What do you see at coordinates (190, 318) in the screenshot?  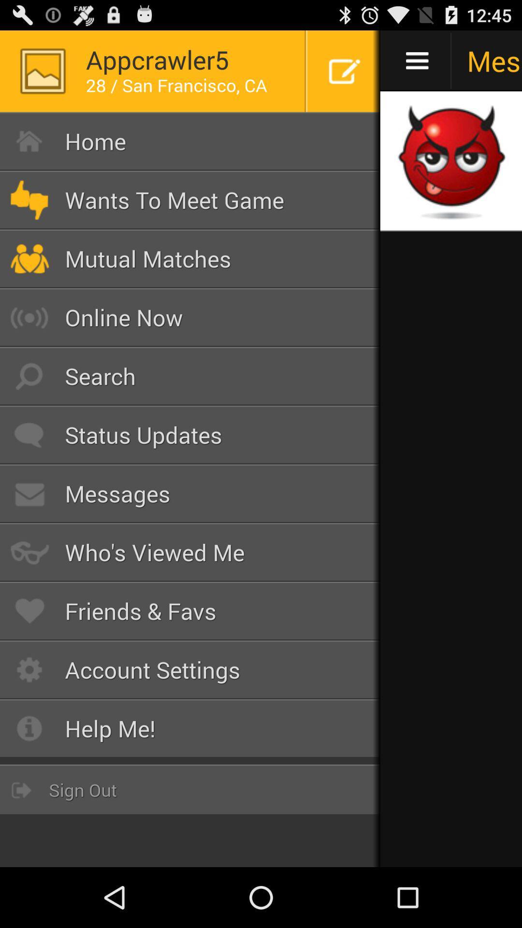 I see `online now button` at bounding box center [190, 318].